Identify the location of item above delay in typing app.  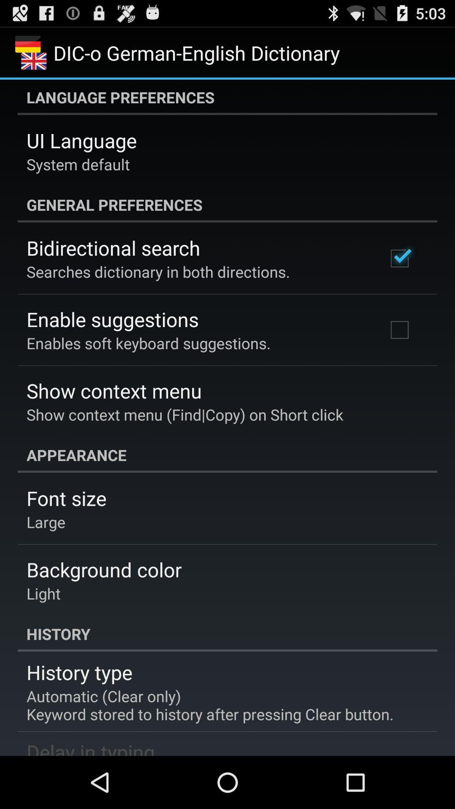
(209, 705).